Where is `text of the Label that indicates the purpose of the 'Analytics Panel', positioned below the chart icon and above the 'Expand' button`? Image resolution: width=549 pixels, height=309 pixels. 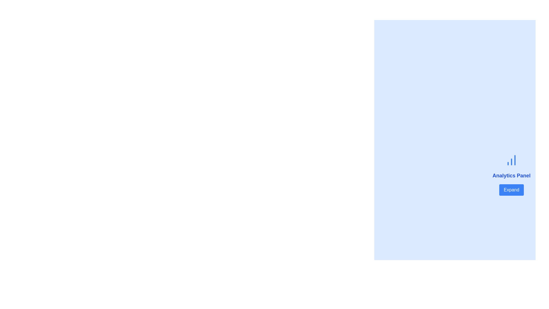 text of the Label that indicates the purpose of the 'Analytics Panel', positioned below the chart icon and above the 'Expand' button is located at coordinates (512, 175).